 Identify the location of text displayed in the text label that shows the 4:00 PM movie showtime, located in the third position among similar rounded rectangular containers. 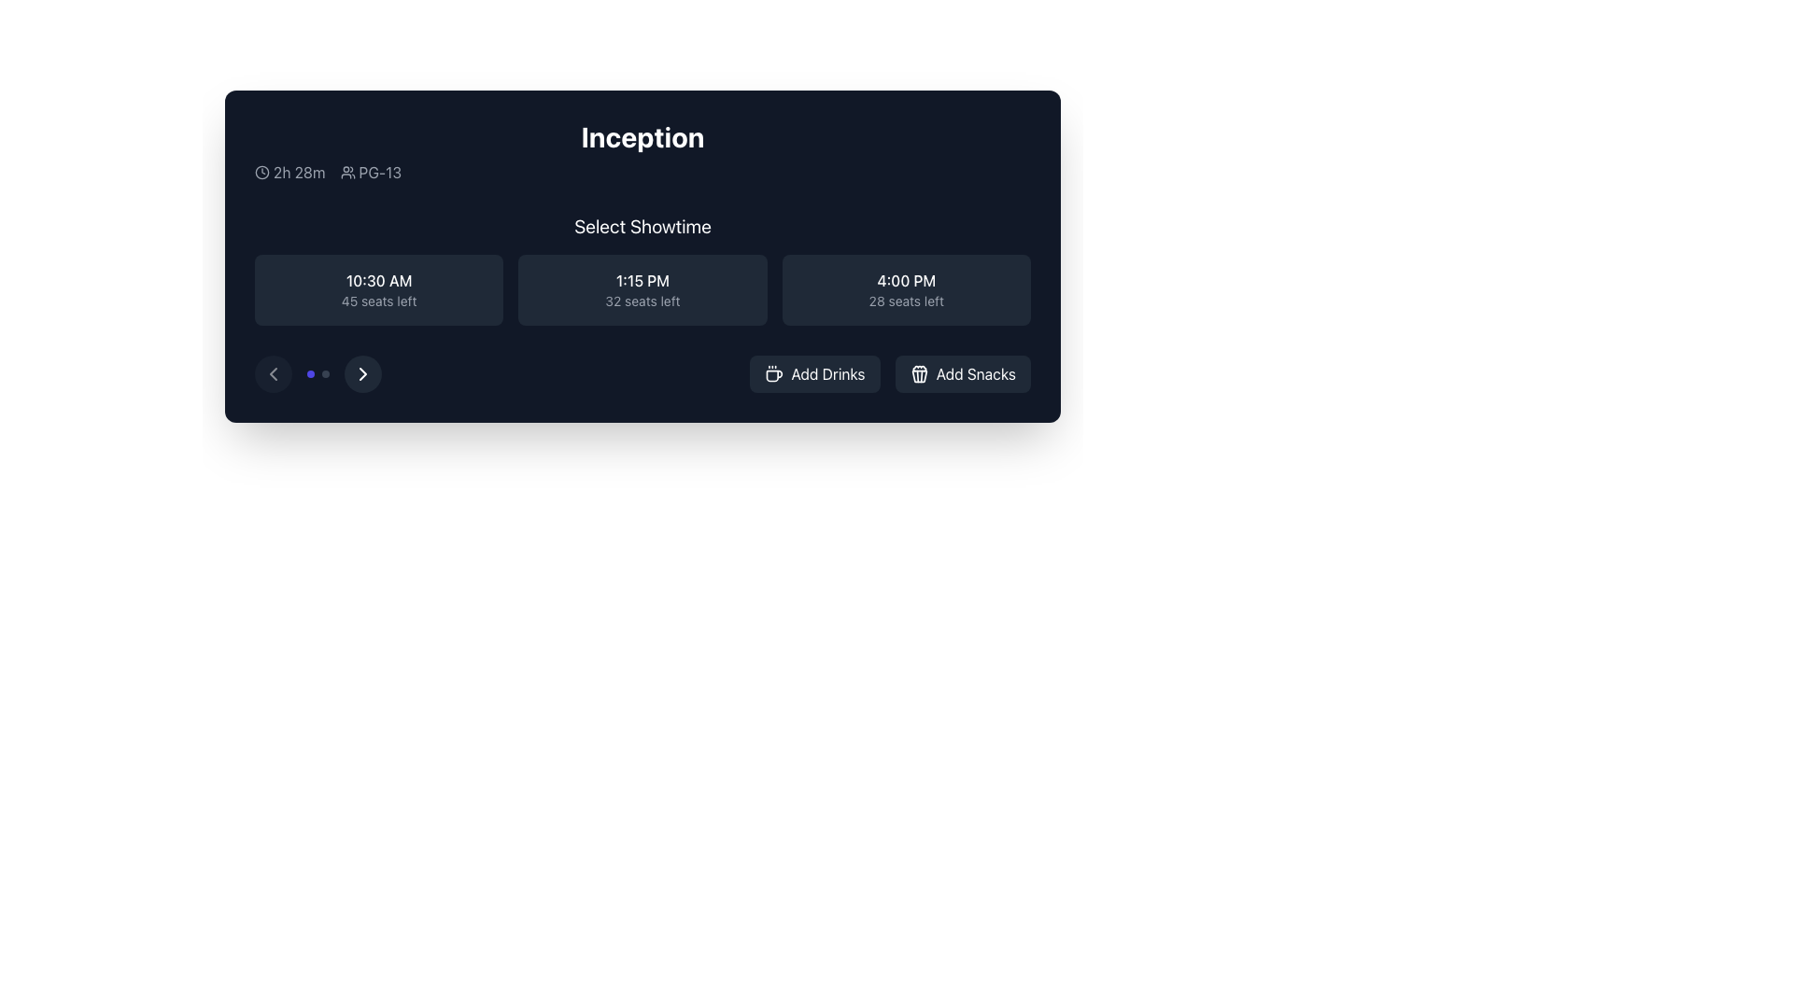
(906, 280).